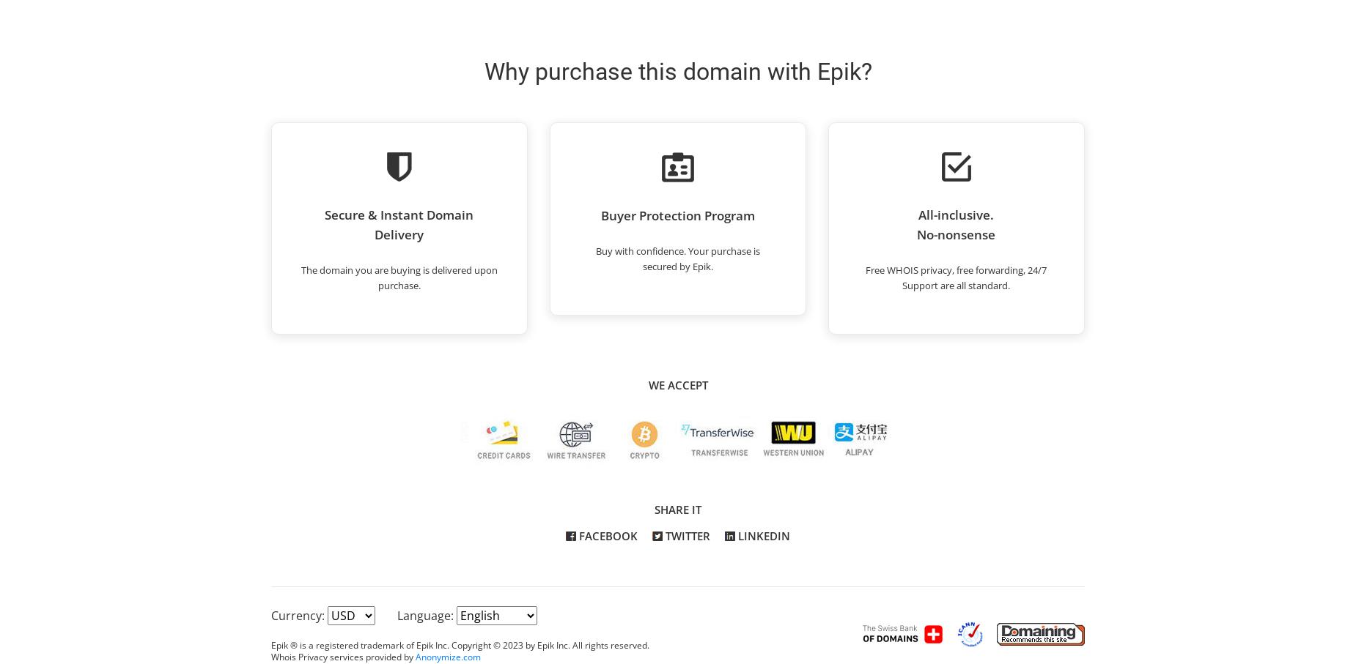  I want to click on 'Facebook', so click(576, 536).